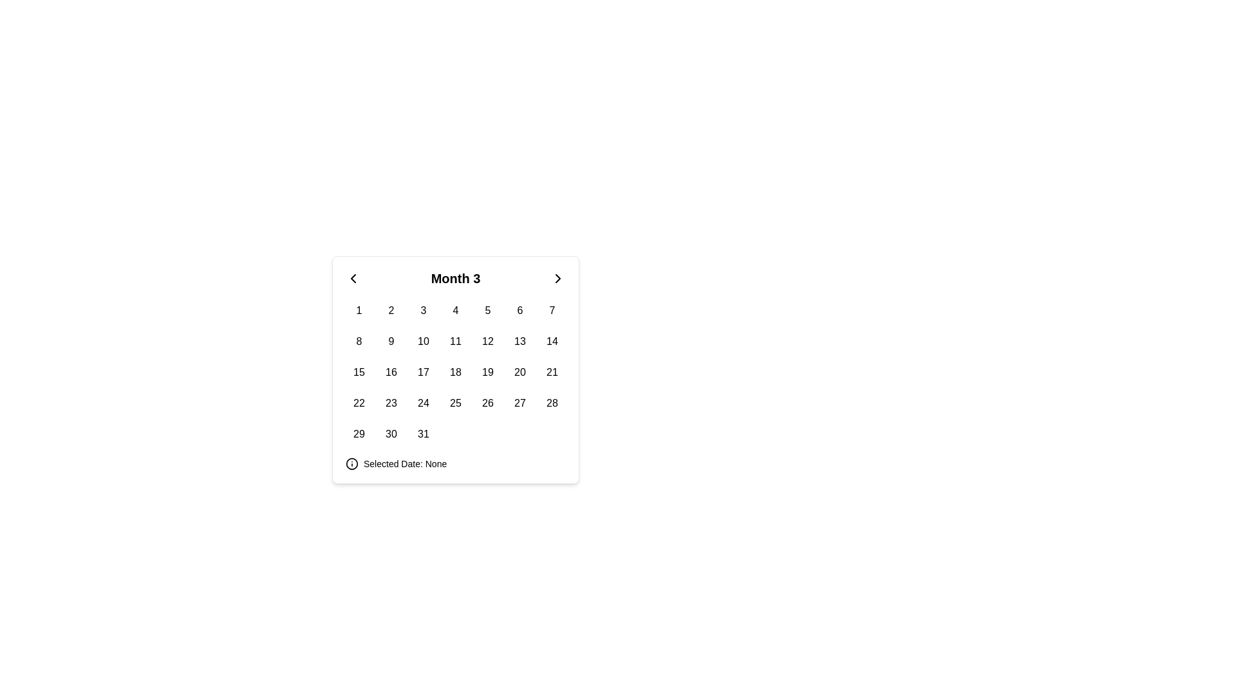 This screenshot has height=695, width=1236. I want to click on the first grid cell representing the first day of the calendar below the 'Month 3' header, so click(359, 310).